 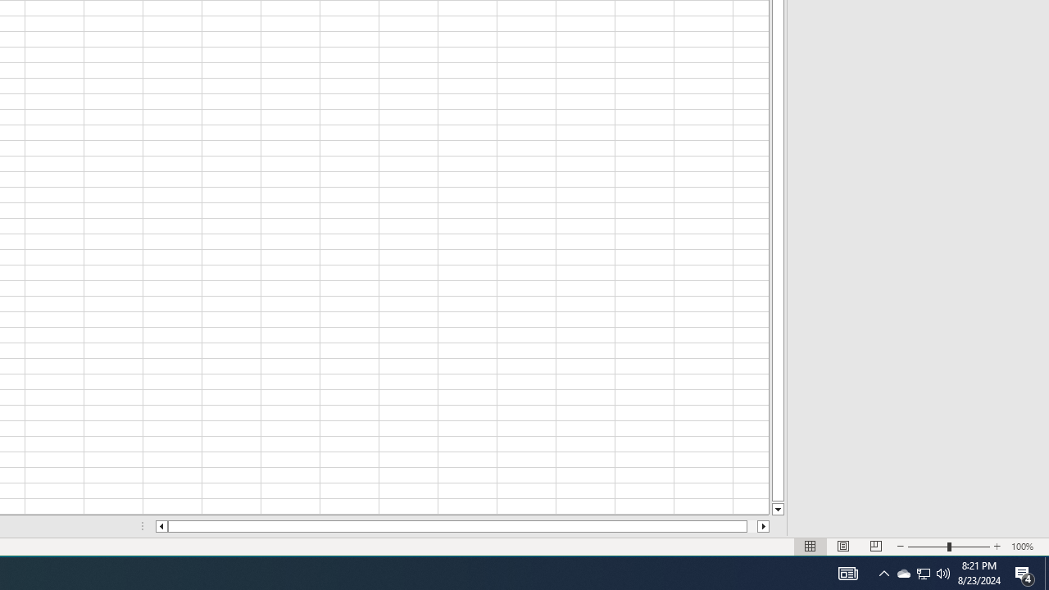 I want to click on 'Column right', so click(x=763, y=526).